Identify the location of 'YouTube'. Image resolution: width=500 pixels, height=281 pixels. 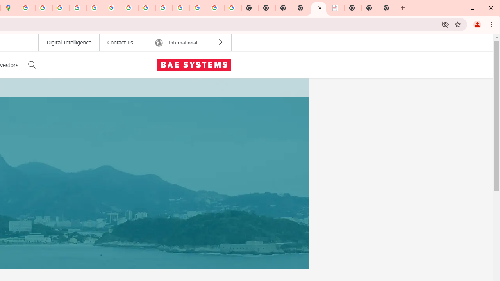
(130, 8).